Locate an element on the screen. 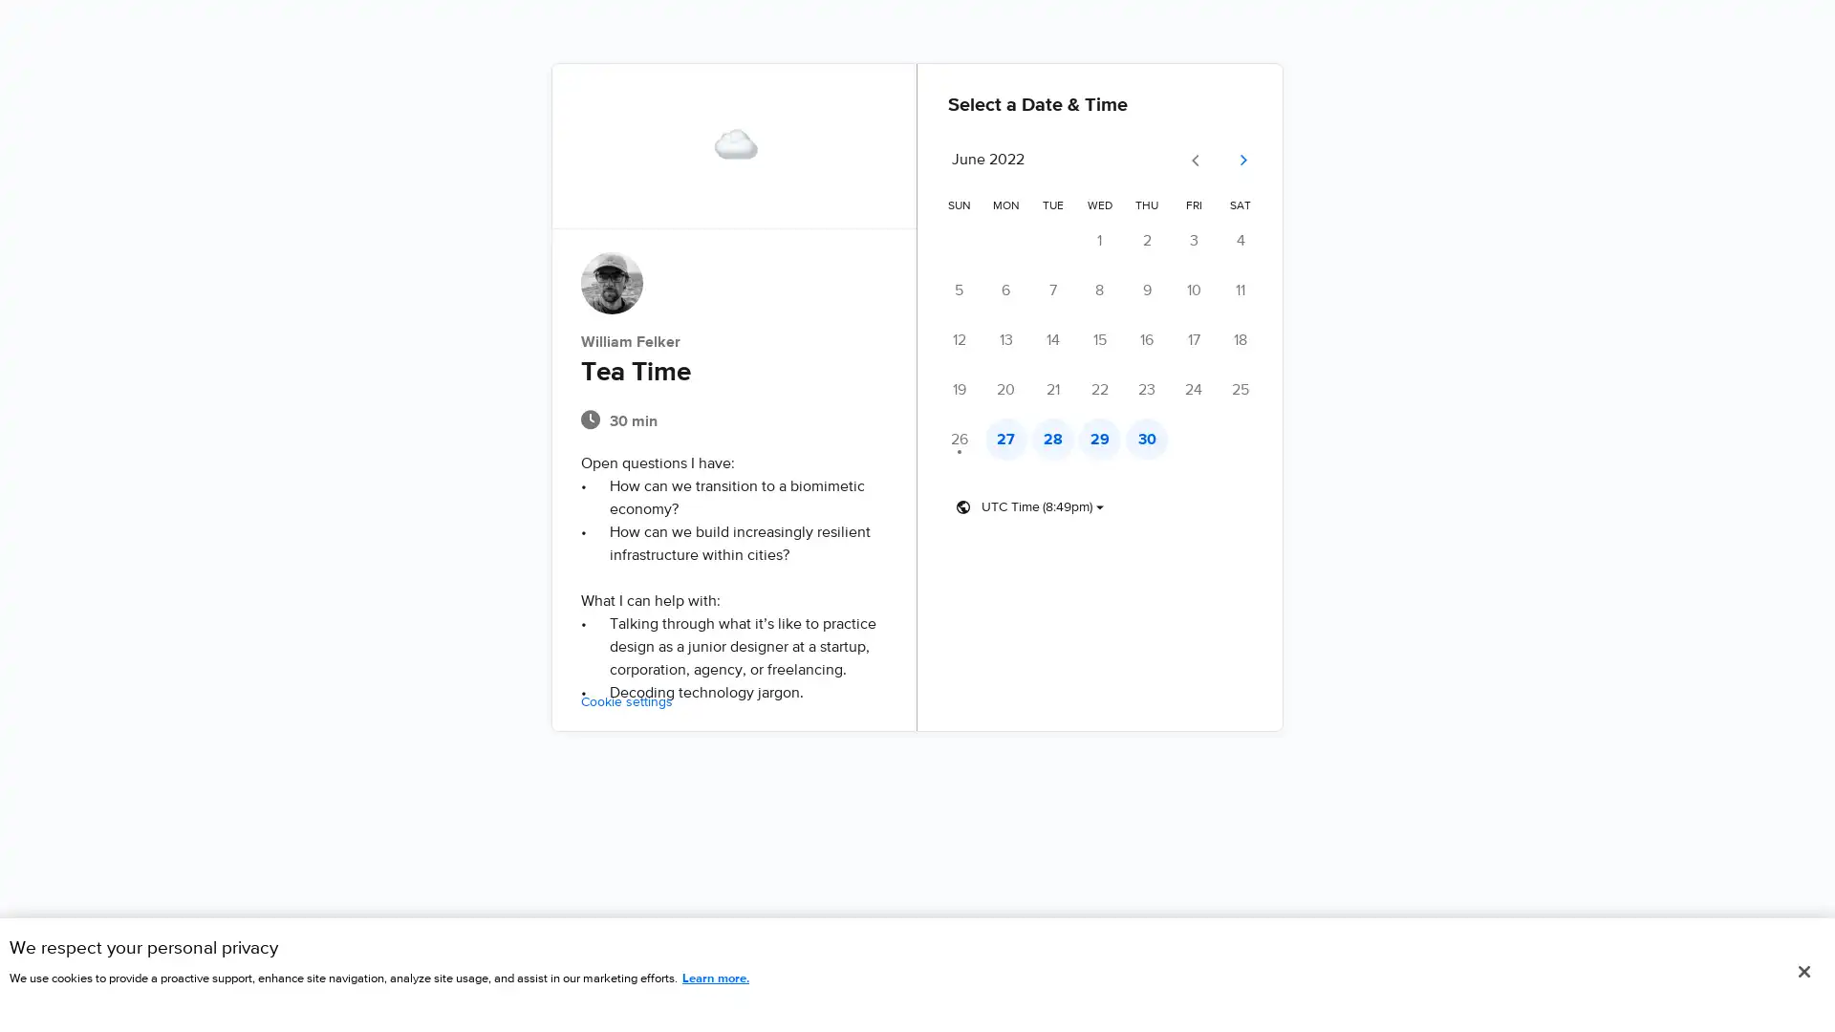  Thursday, June 16 - No times available is located at coordinates (1155, 338).